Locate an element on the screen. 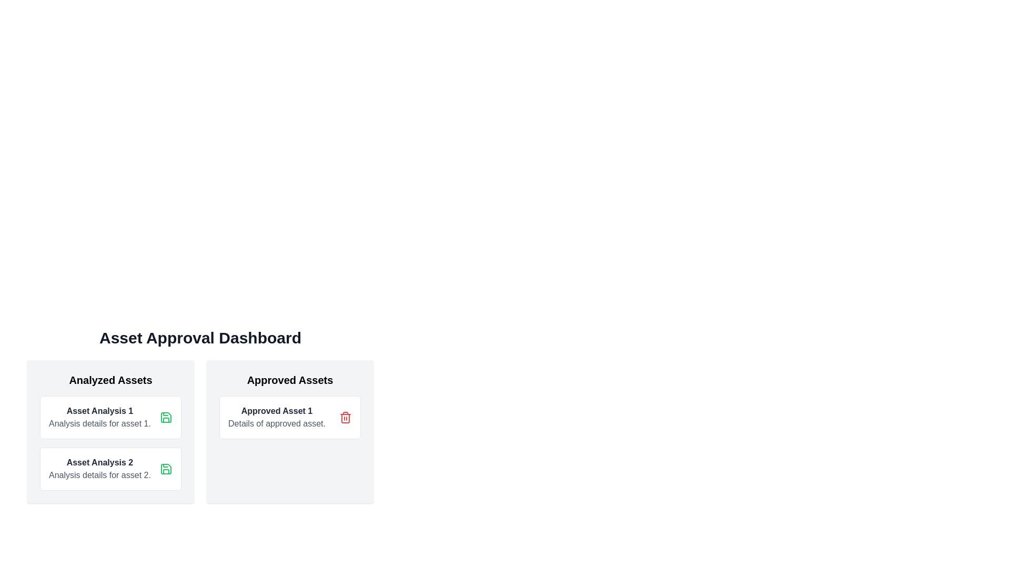  the static text label 'Asset Analysis 1' which is styled in bold gray and serves as the header under the 'Analyzed Assets' section is located at coordinates (99, 411).